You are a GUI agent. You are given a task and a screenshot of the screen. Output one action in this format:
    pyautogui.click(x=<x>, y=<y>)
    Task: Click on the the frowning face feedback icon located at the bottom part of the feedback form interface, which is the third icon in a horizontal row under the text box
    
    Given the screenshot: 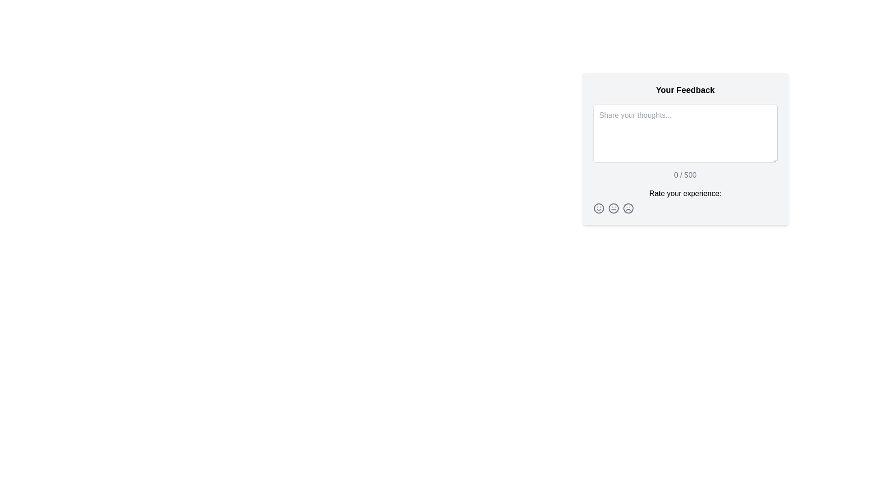 What is the action you would take?
    pyautogui.click(x=628, y=208)
    